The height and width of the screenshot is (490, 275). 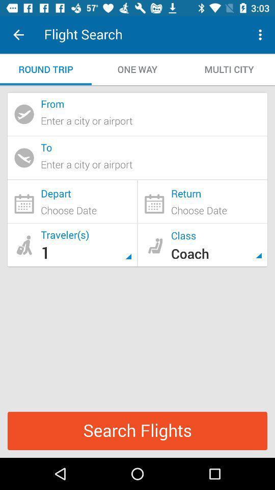 What do you see at coordinates (18, 35) in the screenshot?
I see `item to the left of the flight search` at bounding box center [18, 35].